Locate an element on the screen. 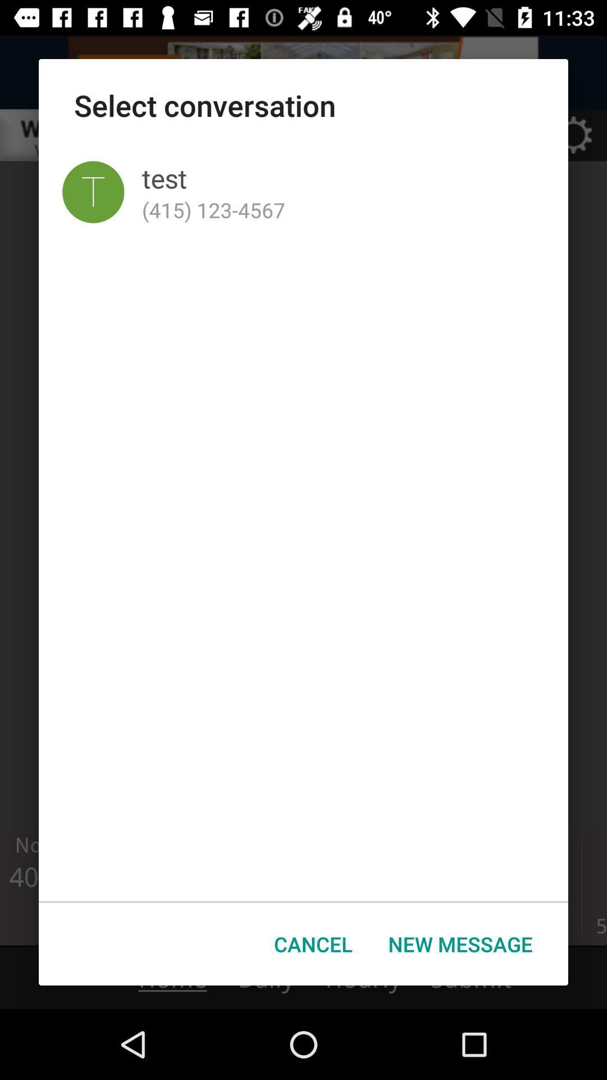 The image size is (607, 1080). the item next to test app is located at coordinates (93, 192).